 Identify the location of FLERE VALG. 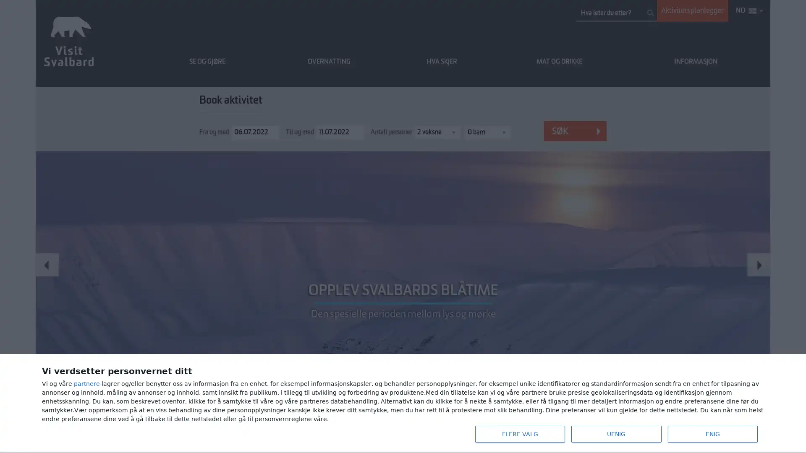
(519, 434).